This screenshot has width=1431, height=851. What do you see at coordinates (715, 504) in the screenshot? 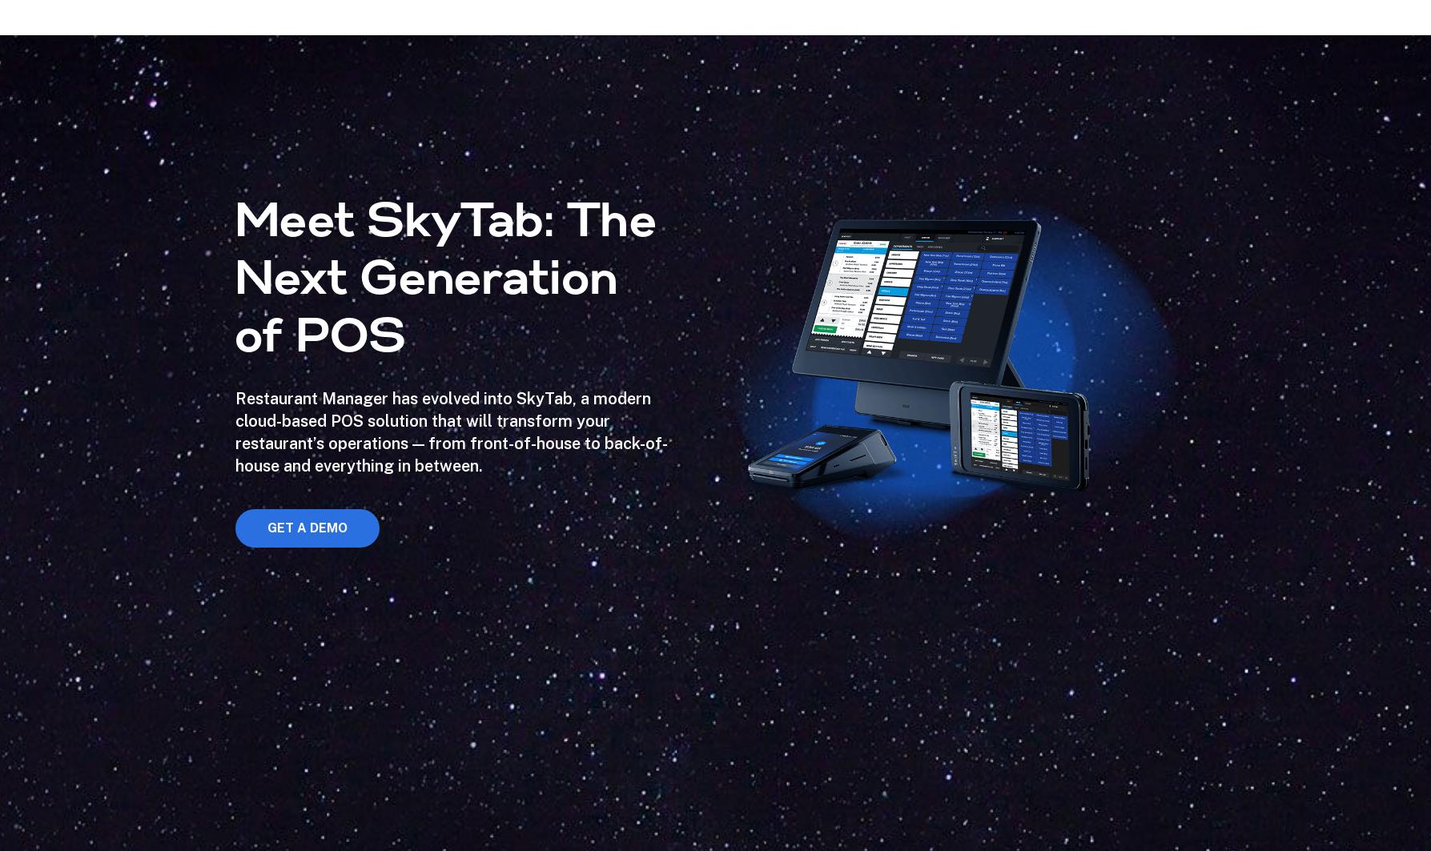
I see `'Get a Free Demo of SkyTab'` at bounding box center [715, 504].